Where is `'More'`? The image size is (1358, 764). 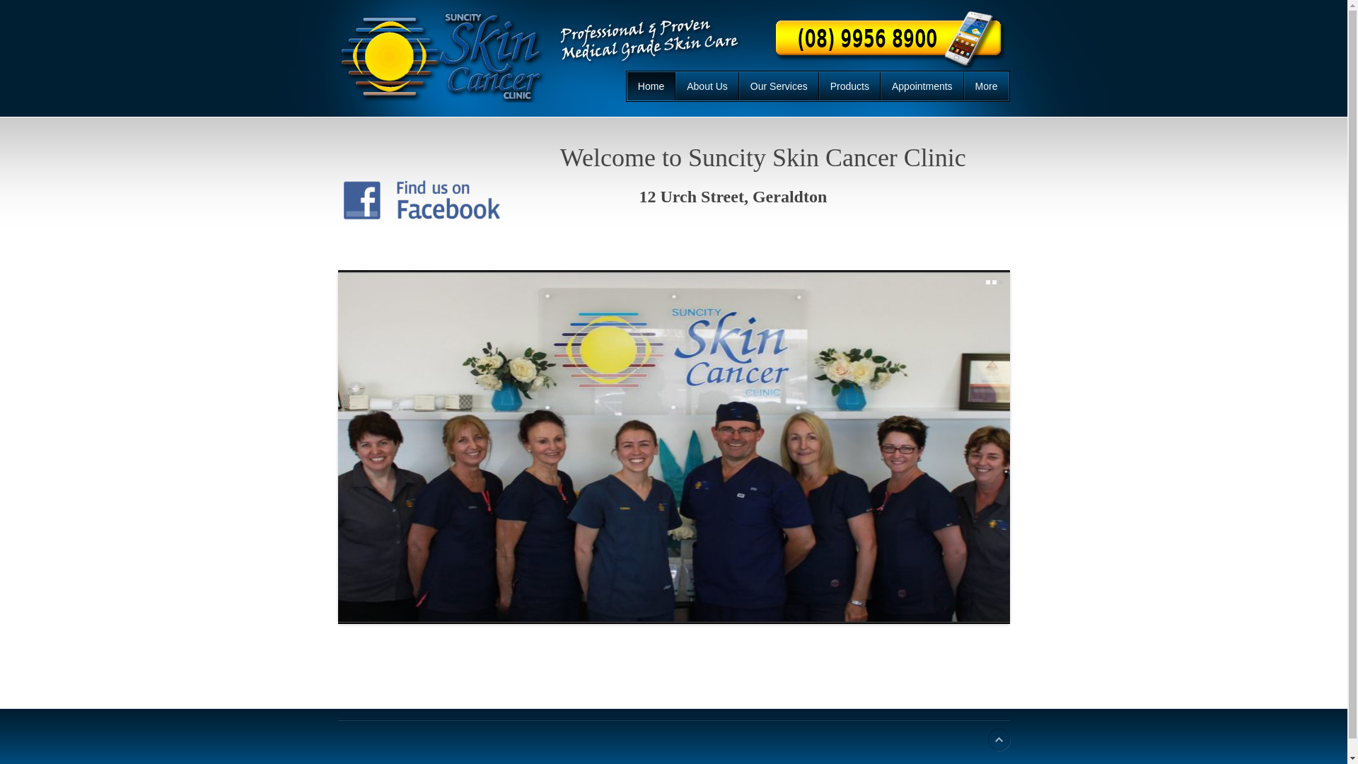
'More' is located at coordinates (985, 86).